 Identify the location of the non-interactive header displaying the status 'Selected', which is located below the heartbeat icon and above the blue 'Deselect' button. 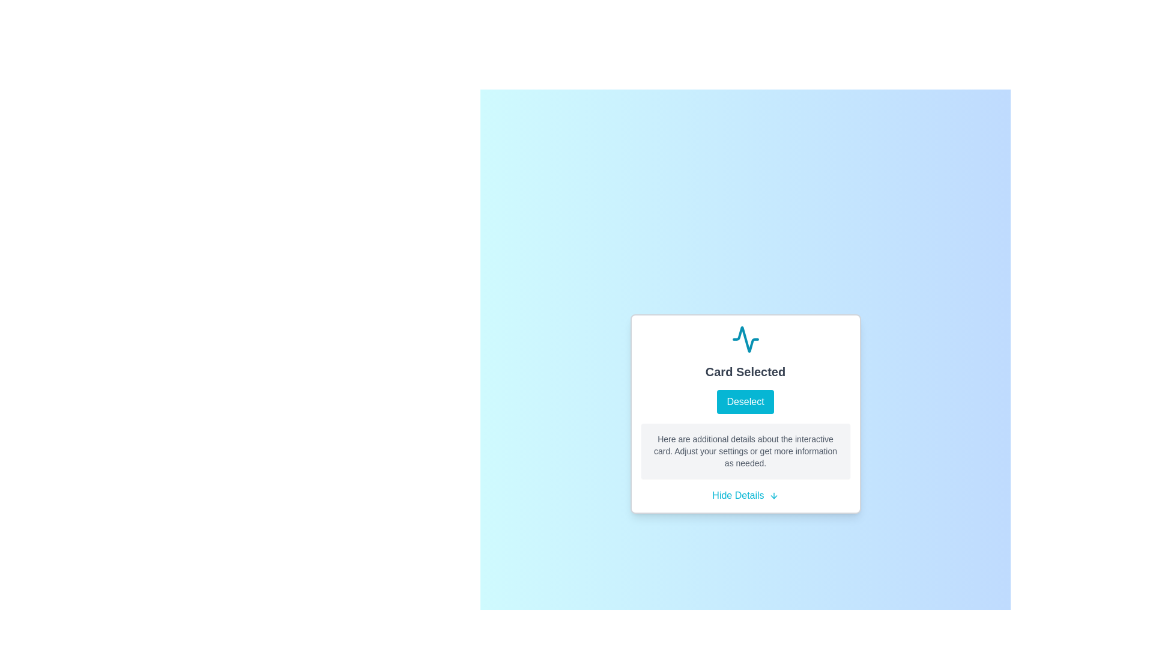
(745, 371).